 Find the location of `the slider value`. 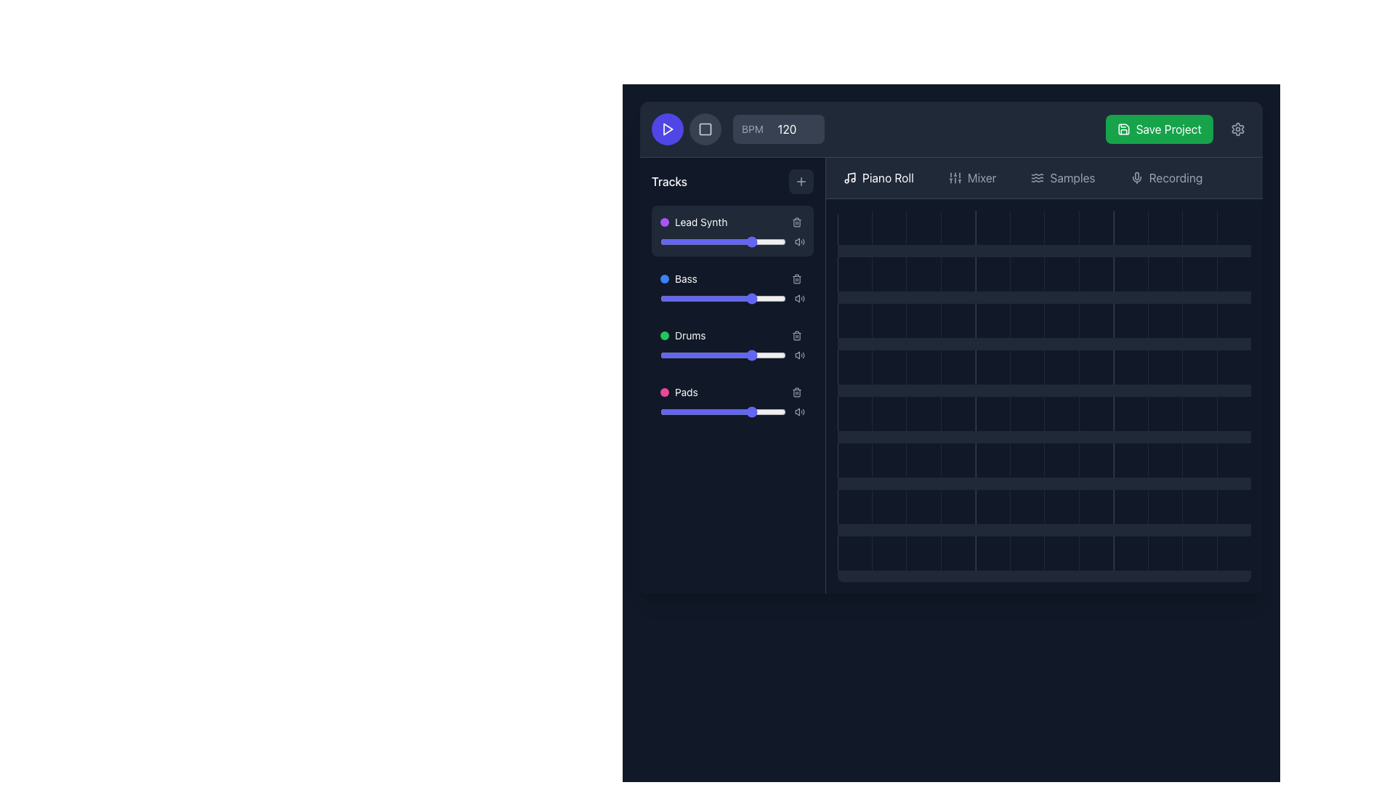

the slider value is located at coordinates (757, 298).